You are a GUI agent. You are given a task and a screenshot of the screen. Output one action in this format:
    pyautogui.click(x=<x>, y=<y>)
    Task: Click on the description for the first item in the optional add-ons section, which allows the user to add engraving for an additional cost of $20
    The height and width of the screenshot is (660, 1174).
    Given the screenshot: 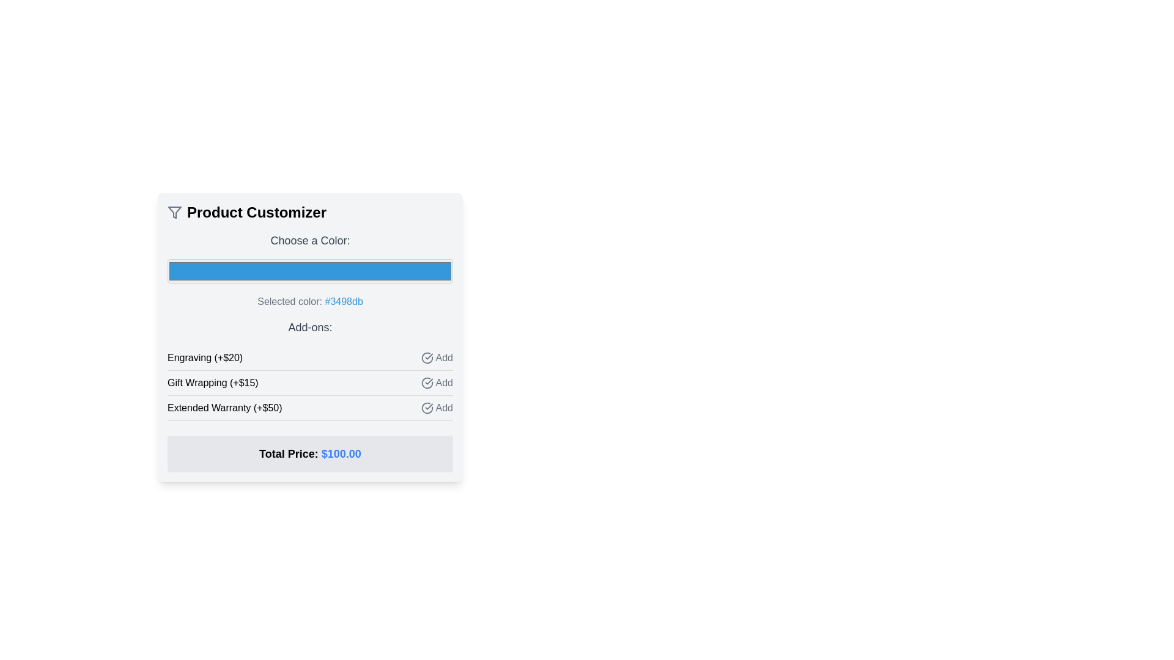 What is the action you would take?
    pyautogui.click(x=310, y=358)
    